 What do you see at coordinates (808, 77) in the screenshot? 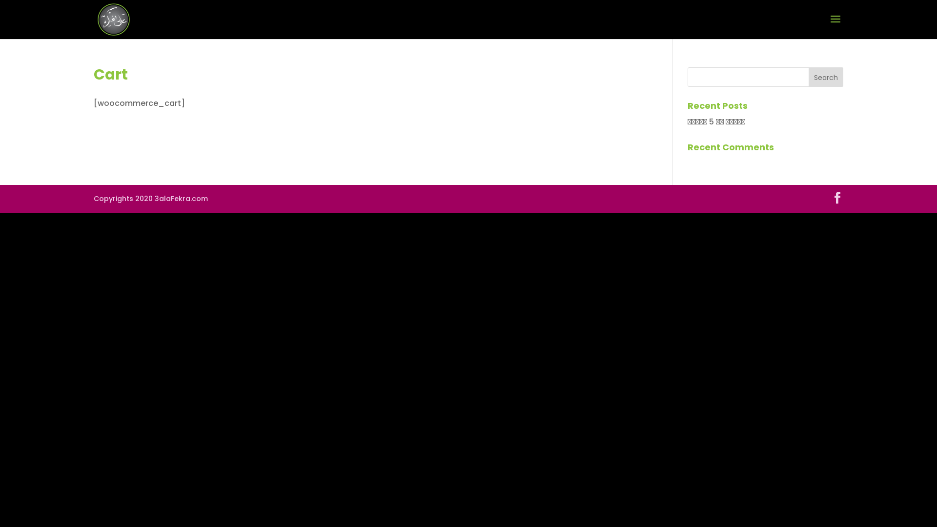
I see `'Search'` at bounding box center [808, 77].